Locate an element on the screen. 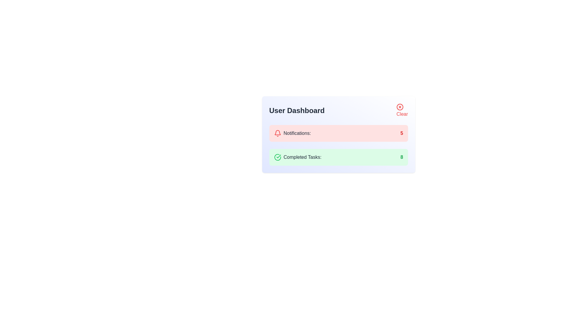 The height and width of the screenshot is (323, 574). attributes or styles of the circular arc element representing a checked task within the green circle icon in the 'Completed Tasks' section of the user dashboard is located at coordinates (277, 157).